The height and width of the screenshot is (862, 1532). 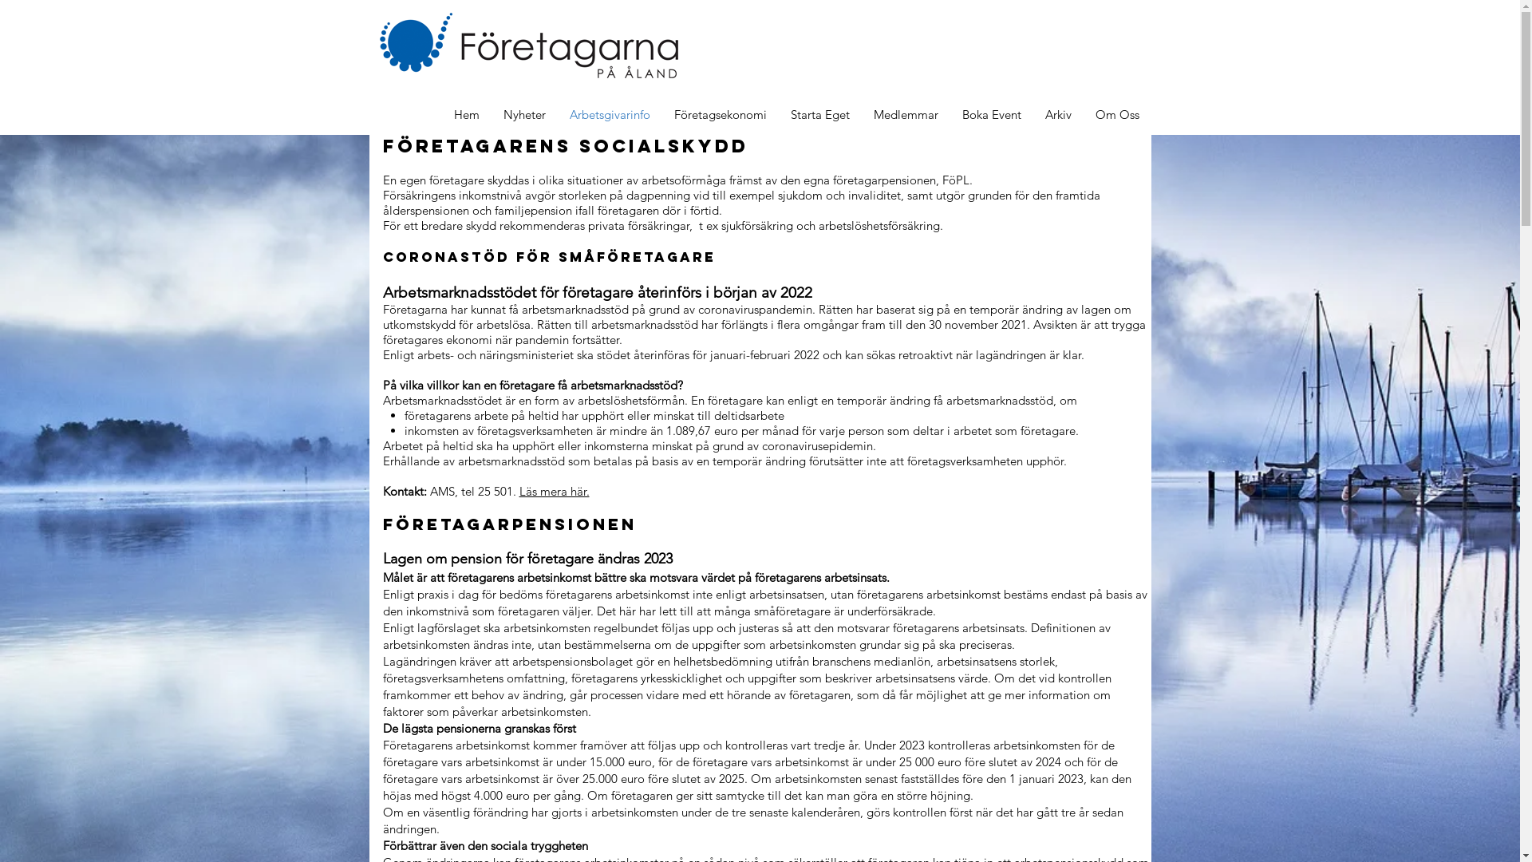 What do you see at coordinates (778, 113) in the screenshot?
I see `'Starta Eget'` at bounding box center [778, 113].